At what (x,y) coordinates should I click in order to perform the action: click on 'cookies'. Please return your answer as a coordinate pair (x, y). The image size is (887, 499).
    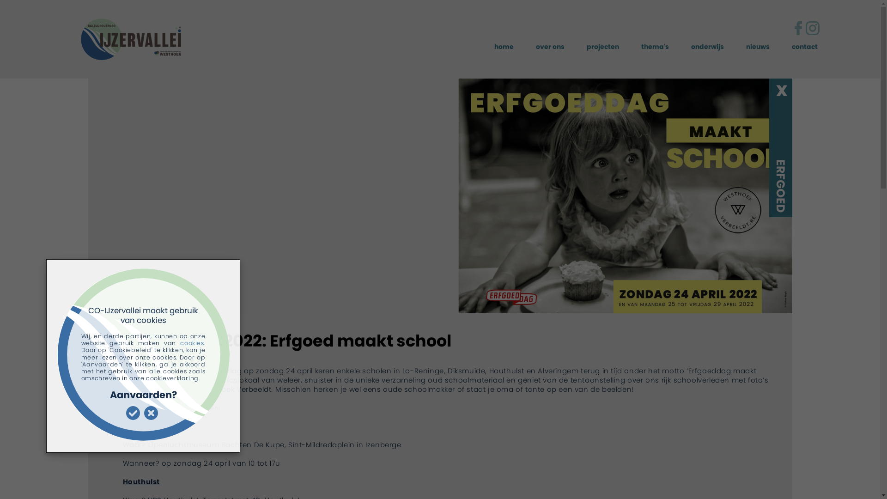
    Looking at the image, I should click on (180, 343).